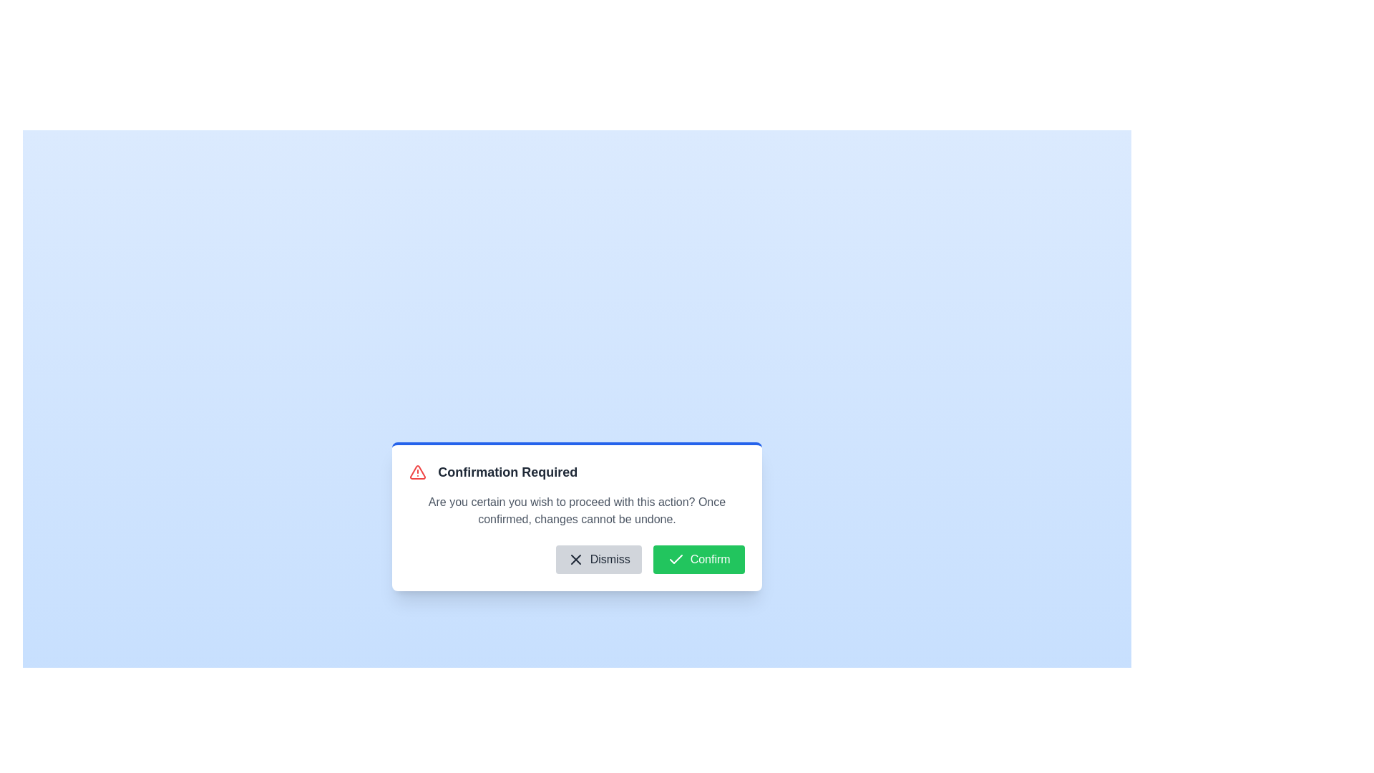  Describe the element at coordinates (675, 559) in the screenshot. I see `the Confirm button which contains the checkmark icon located at the bottom-right of the modal dialog box` at that location.